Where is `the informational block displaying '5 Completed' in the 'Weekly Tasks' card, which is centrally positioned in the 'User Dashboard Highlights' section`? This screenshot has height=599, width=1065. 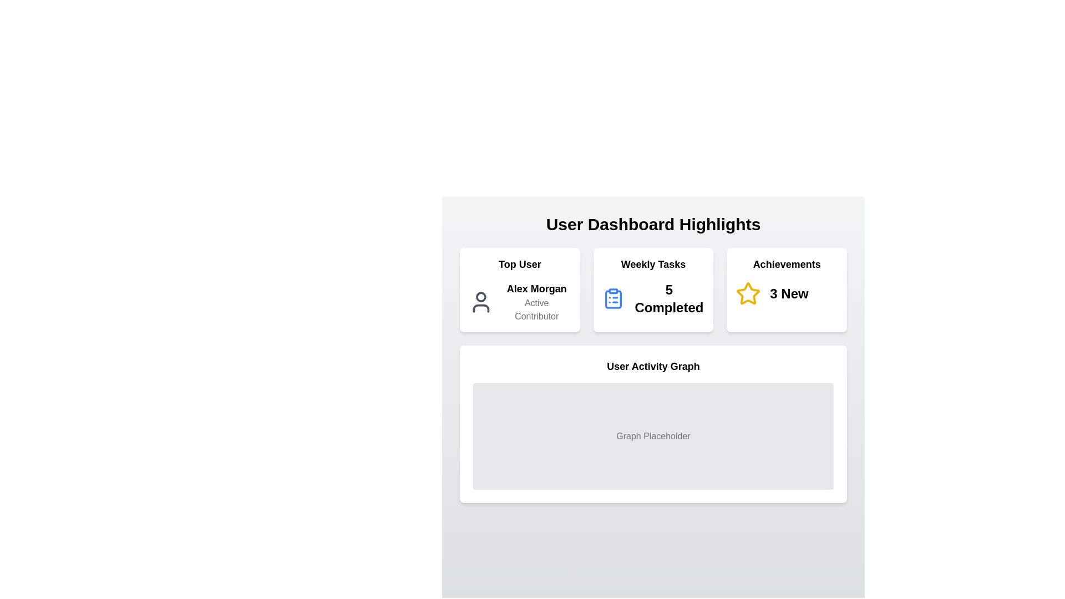
the informational block displaying '5 Completed' in the 'Weekly Tasks' card, which is centrally positioned in the 'User Dashboard Highlights' section is located at coordinates (653, 298).